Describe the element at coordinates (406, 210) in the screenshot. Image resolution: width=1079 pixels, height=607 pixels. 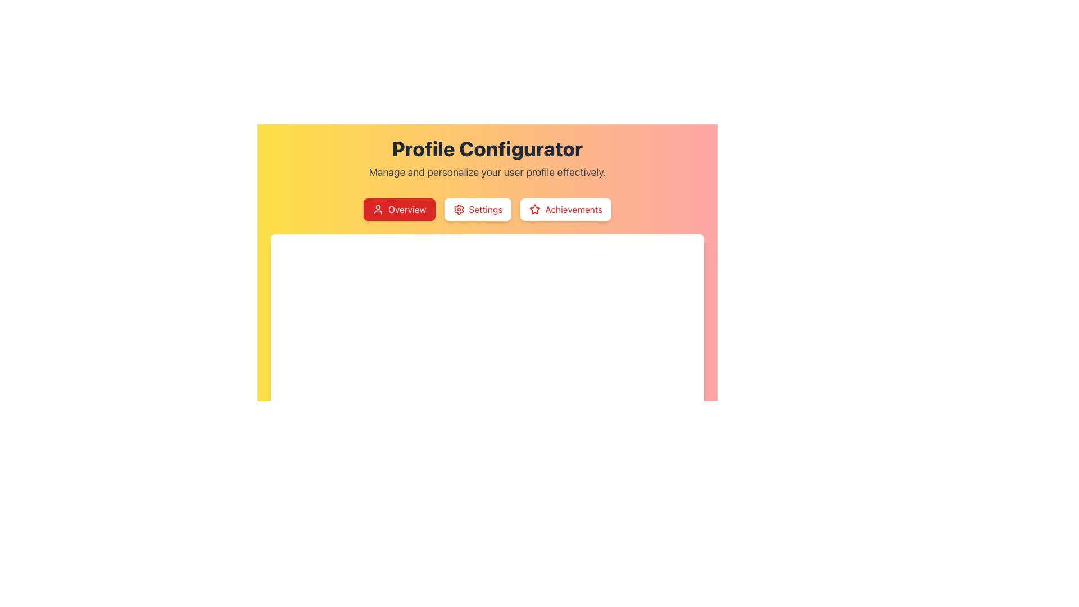
I see `the 'Overview' text label within the leftmost button under the 'Profile Configurator' heading to activate its functionality` at that location.